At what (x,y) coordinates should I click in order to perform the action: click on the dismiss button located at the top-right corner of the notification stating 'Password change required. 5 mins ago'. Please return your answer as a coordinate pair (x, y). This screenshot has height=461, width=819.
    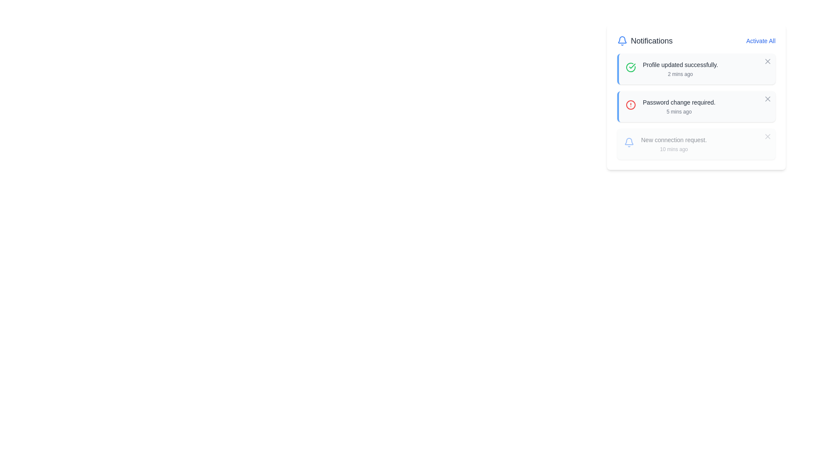
    Looking at the image, I should click on (768, 98).